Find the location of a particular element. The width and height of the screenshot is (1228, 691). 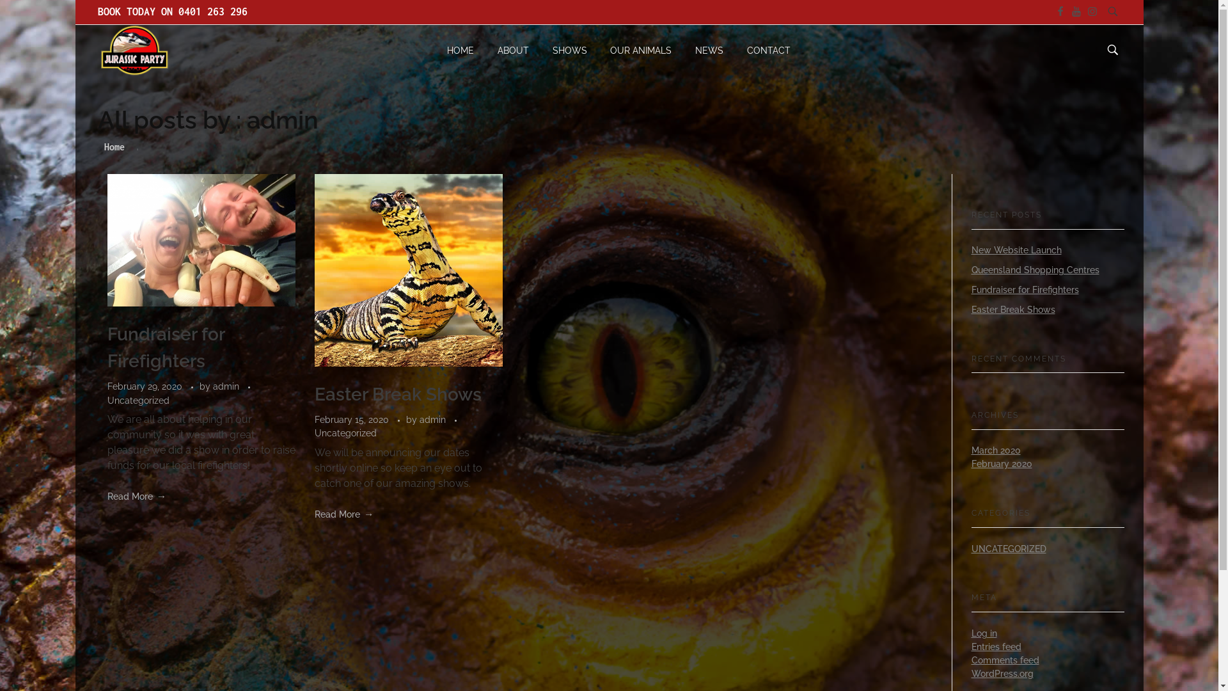

'SHOWS' is located at coordinates (569, 49).